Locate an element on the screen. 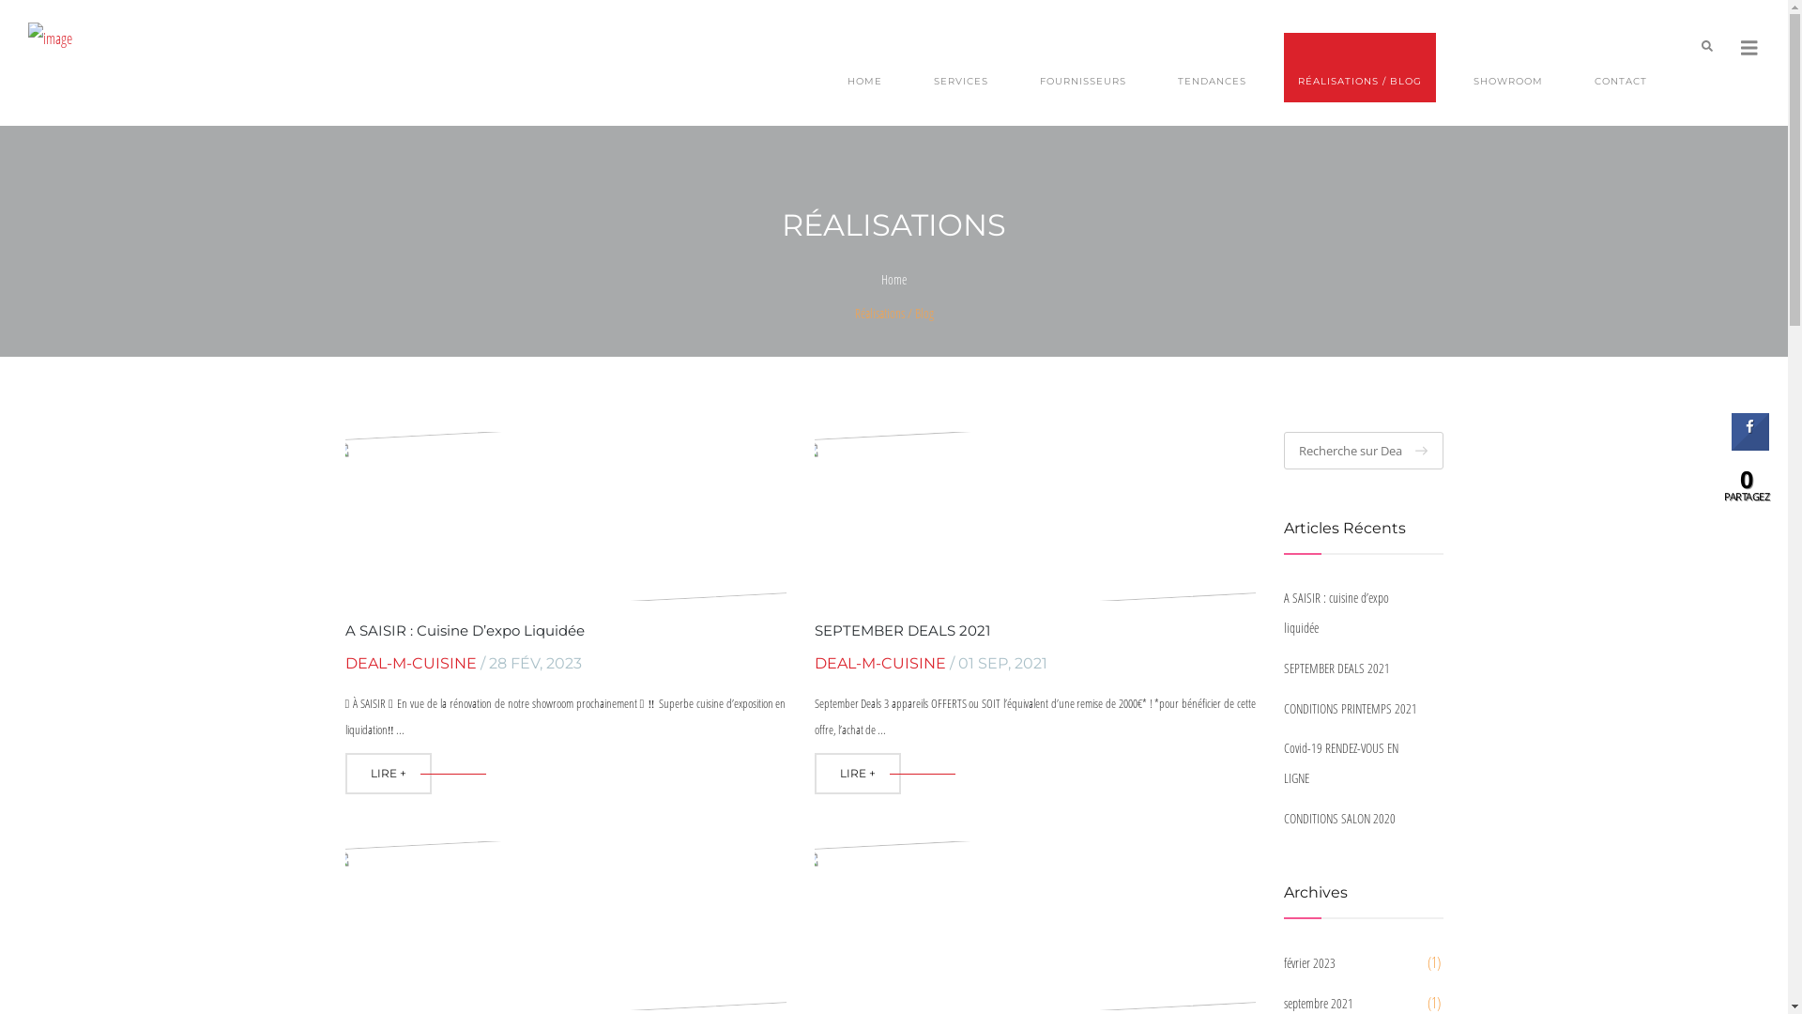 Image resolution: width=1802 pixels, height=1014 pixels. 'Share on Facebook' is located at coordinates (1749, 445).